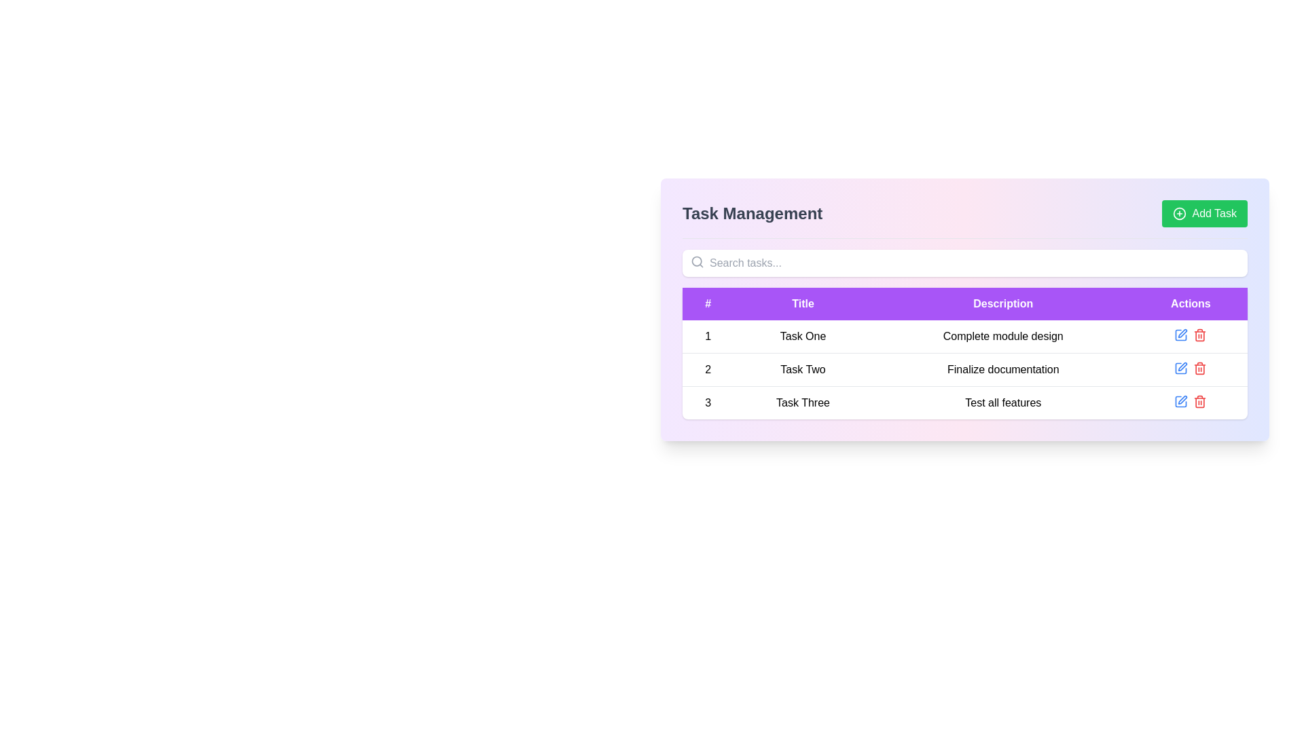  Describe the element at coordinates (1003, 369) in the screenshot. I see `the Plain text label displaying 'Finalize documentation', which is located in the second row of the table under the 'Description' column` at that location.